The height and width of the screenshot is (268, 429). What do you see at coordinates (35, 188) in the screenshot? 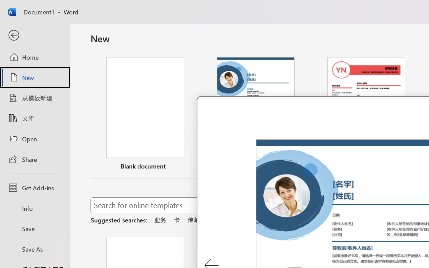
I see `'Get Add-ins'` at bounding box center [35, 188].